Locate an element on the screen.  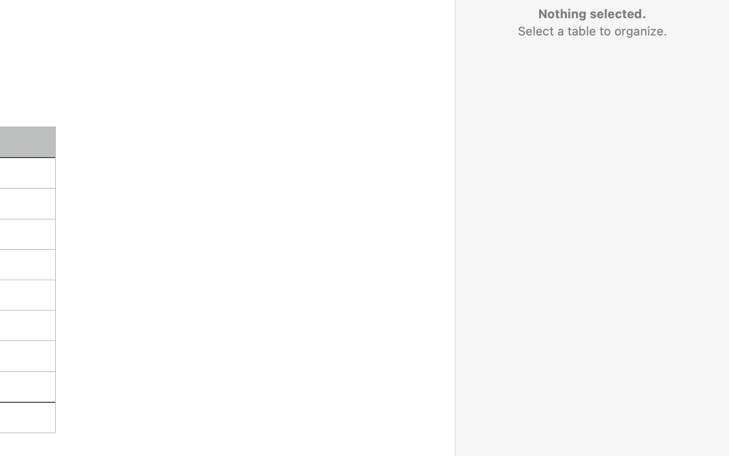
'Nothing selected.' is located at coordinates (591, 13).